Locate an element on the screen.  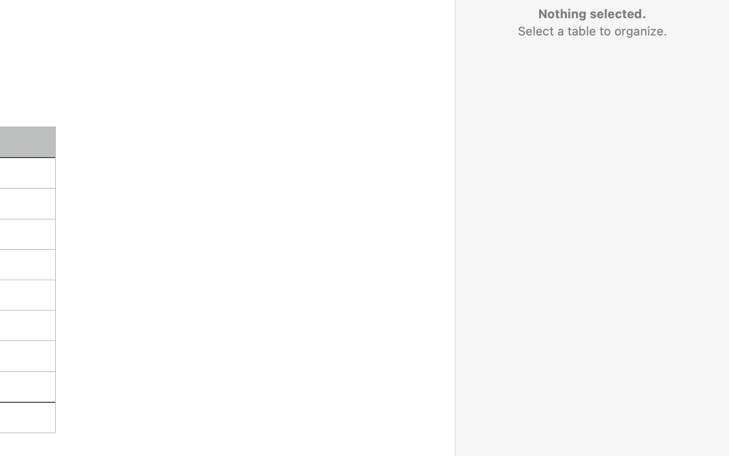
'Nothing selected.' is located at coordinates (591, 13).